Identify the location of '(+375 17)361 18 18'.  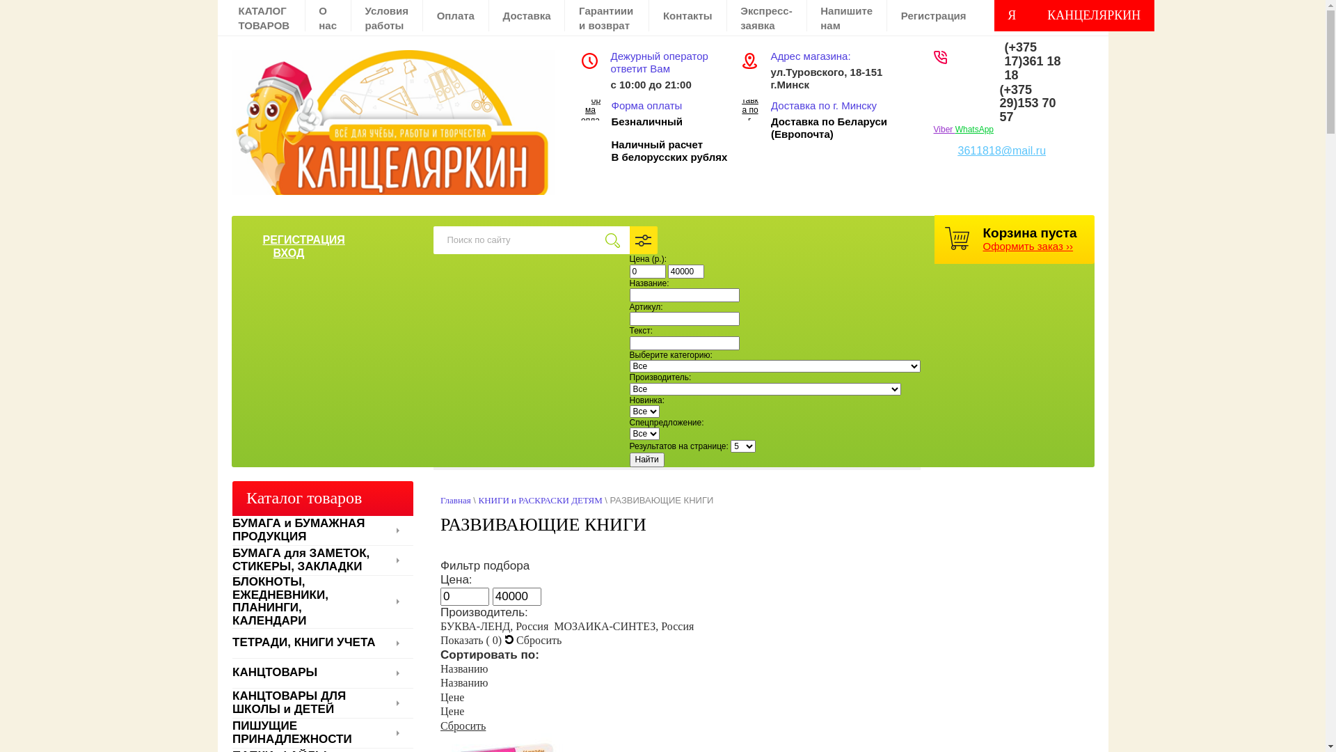
(1033, 61).